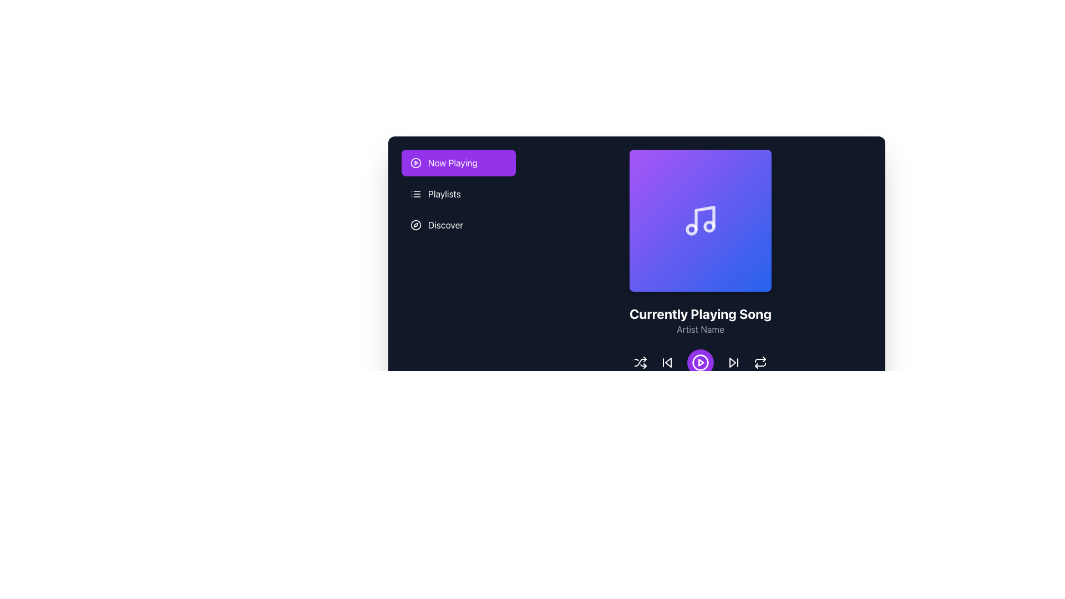  Describe the element at coordinates (453, 163) in the screenshot. I see `text label 'Now Playing' which is styled in bold white font on a purple button with rounded corners located in the left-side navigation area of the interface` at that location.